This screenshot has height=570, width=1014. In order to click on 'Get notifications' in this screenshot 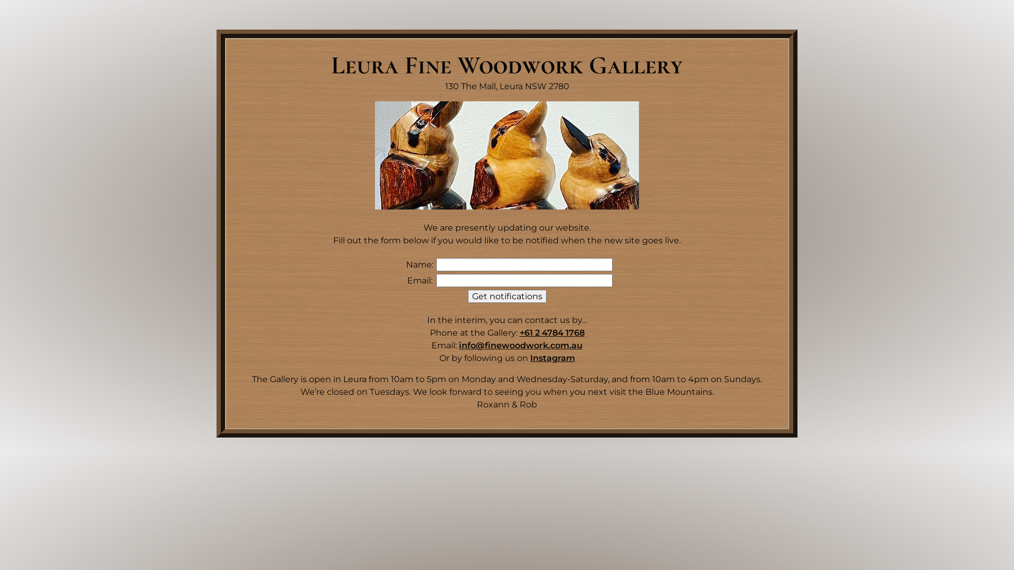, I will do `click(507, 296)`.